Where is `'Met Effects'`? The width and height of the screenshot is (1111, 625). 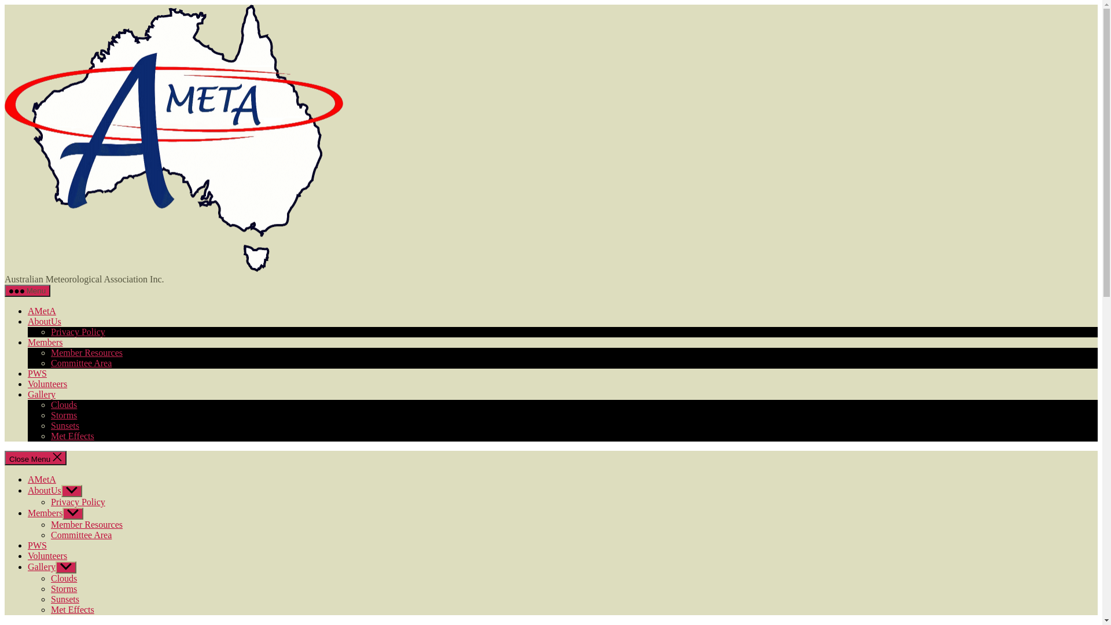 'Met Effects' is located at coordinates (72, 609).